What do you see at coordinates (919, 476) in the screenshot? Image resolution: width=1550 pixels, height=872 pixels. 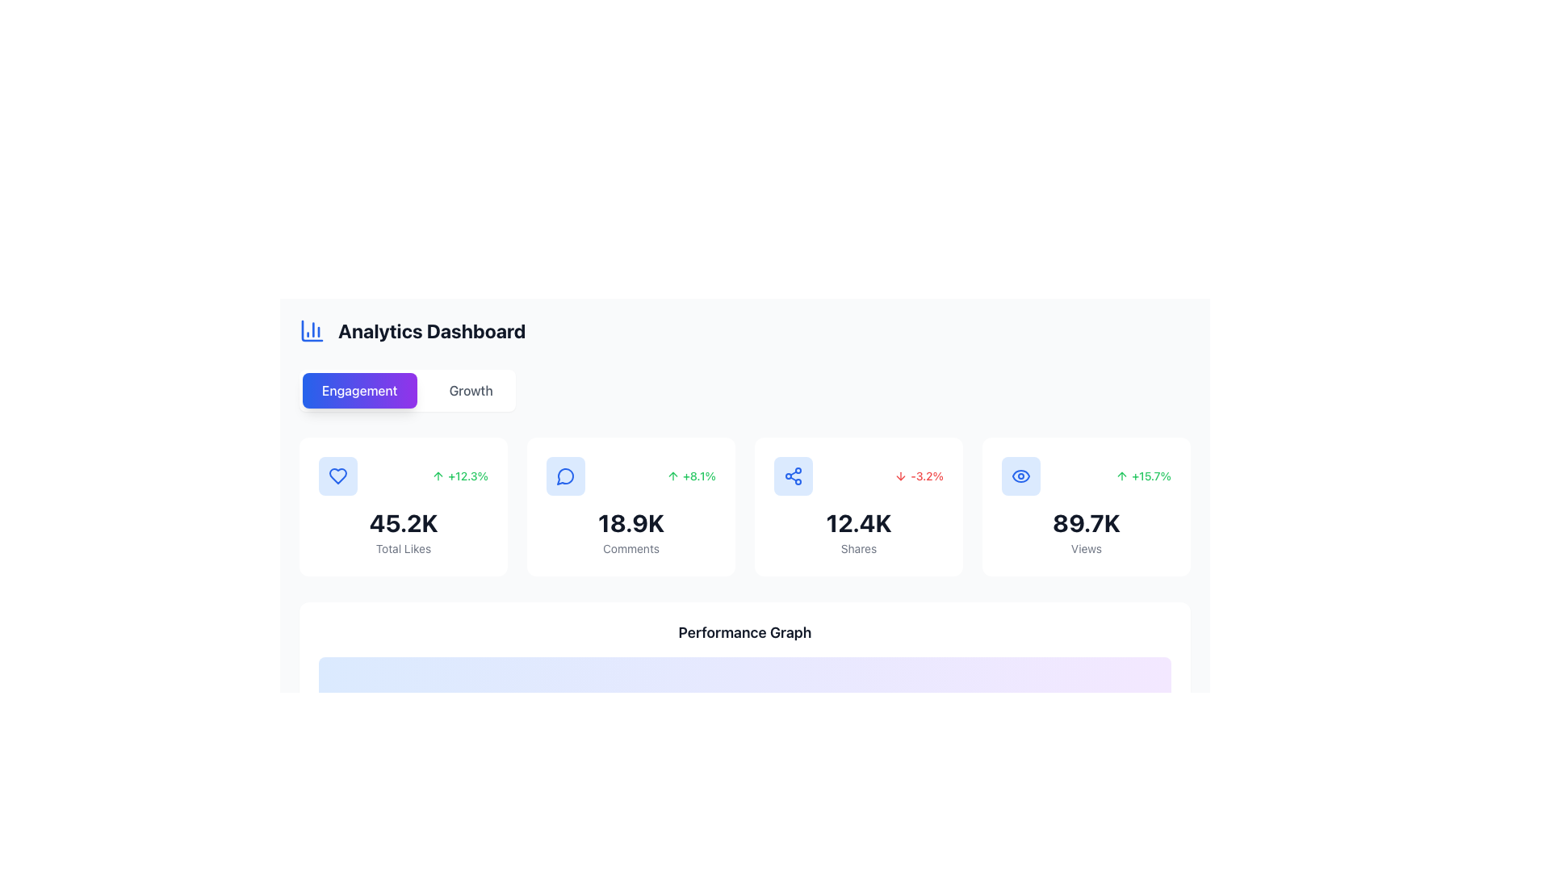 I see `value displayed in the Text label showing '-3.2%' in bold red font, which is located in the 'Shares' card beneath the corresponding icon` at bounding box center [919, 476].